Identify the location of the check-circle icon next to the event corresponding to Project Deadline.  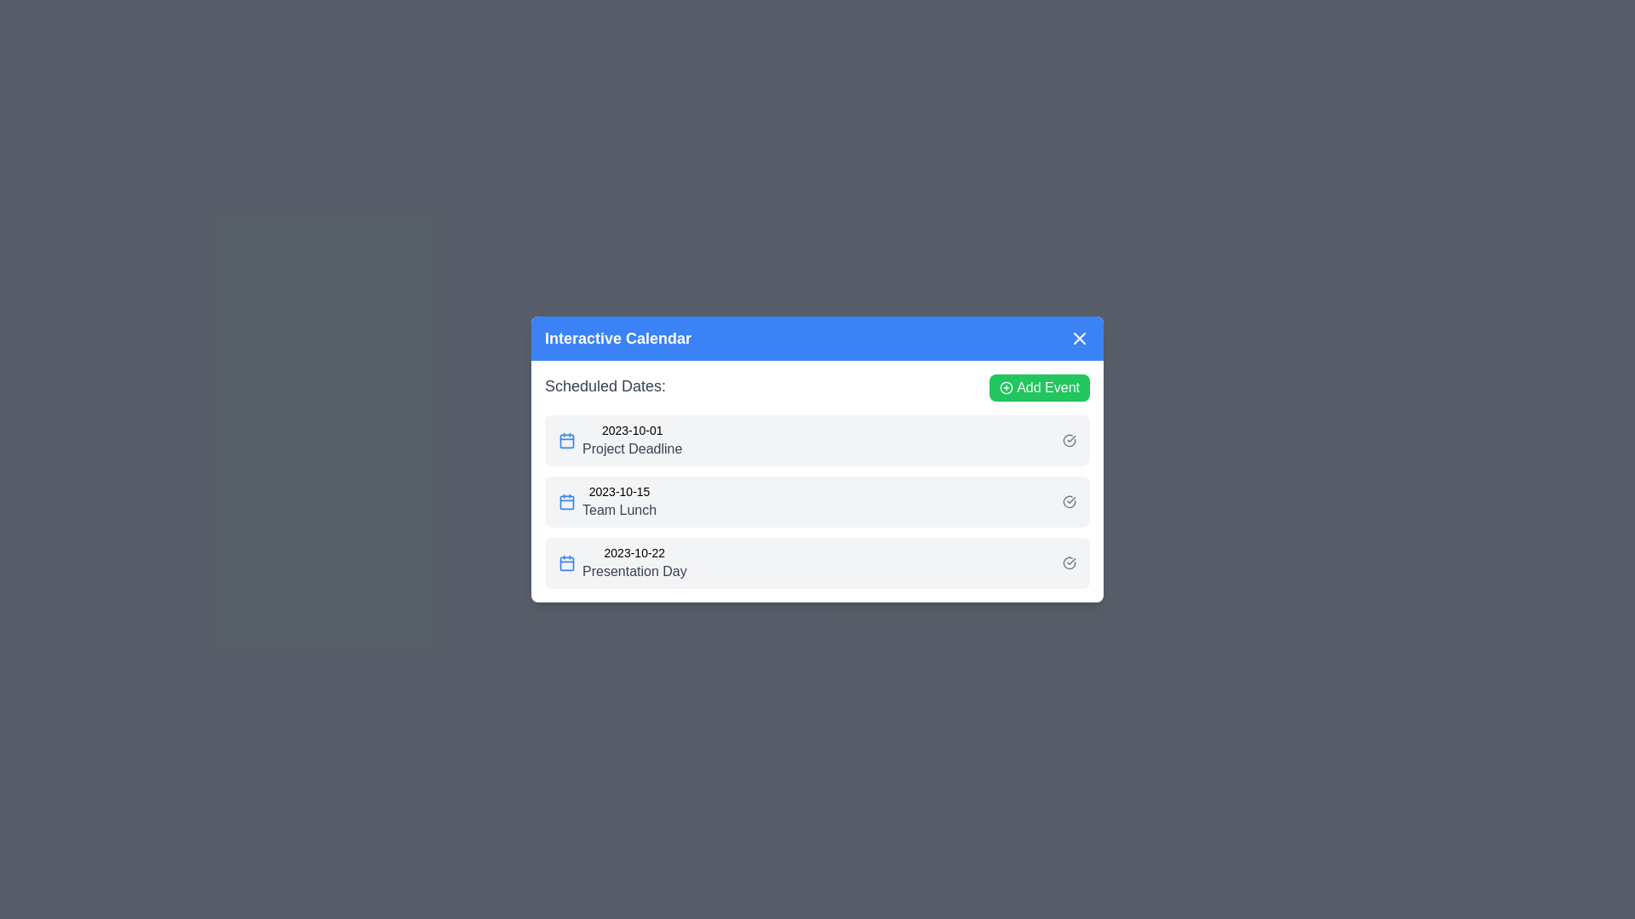
(1069, 439).